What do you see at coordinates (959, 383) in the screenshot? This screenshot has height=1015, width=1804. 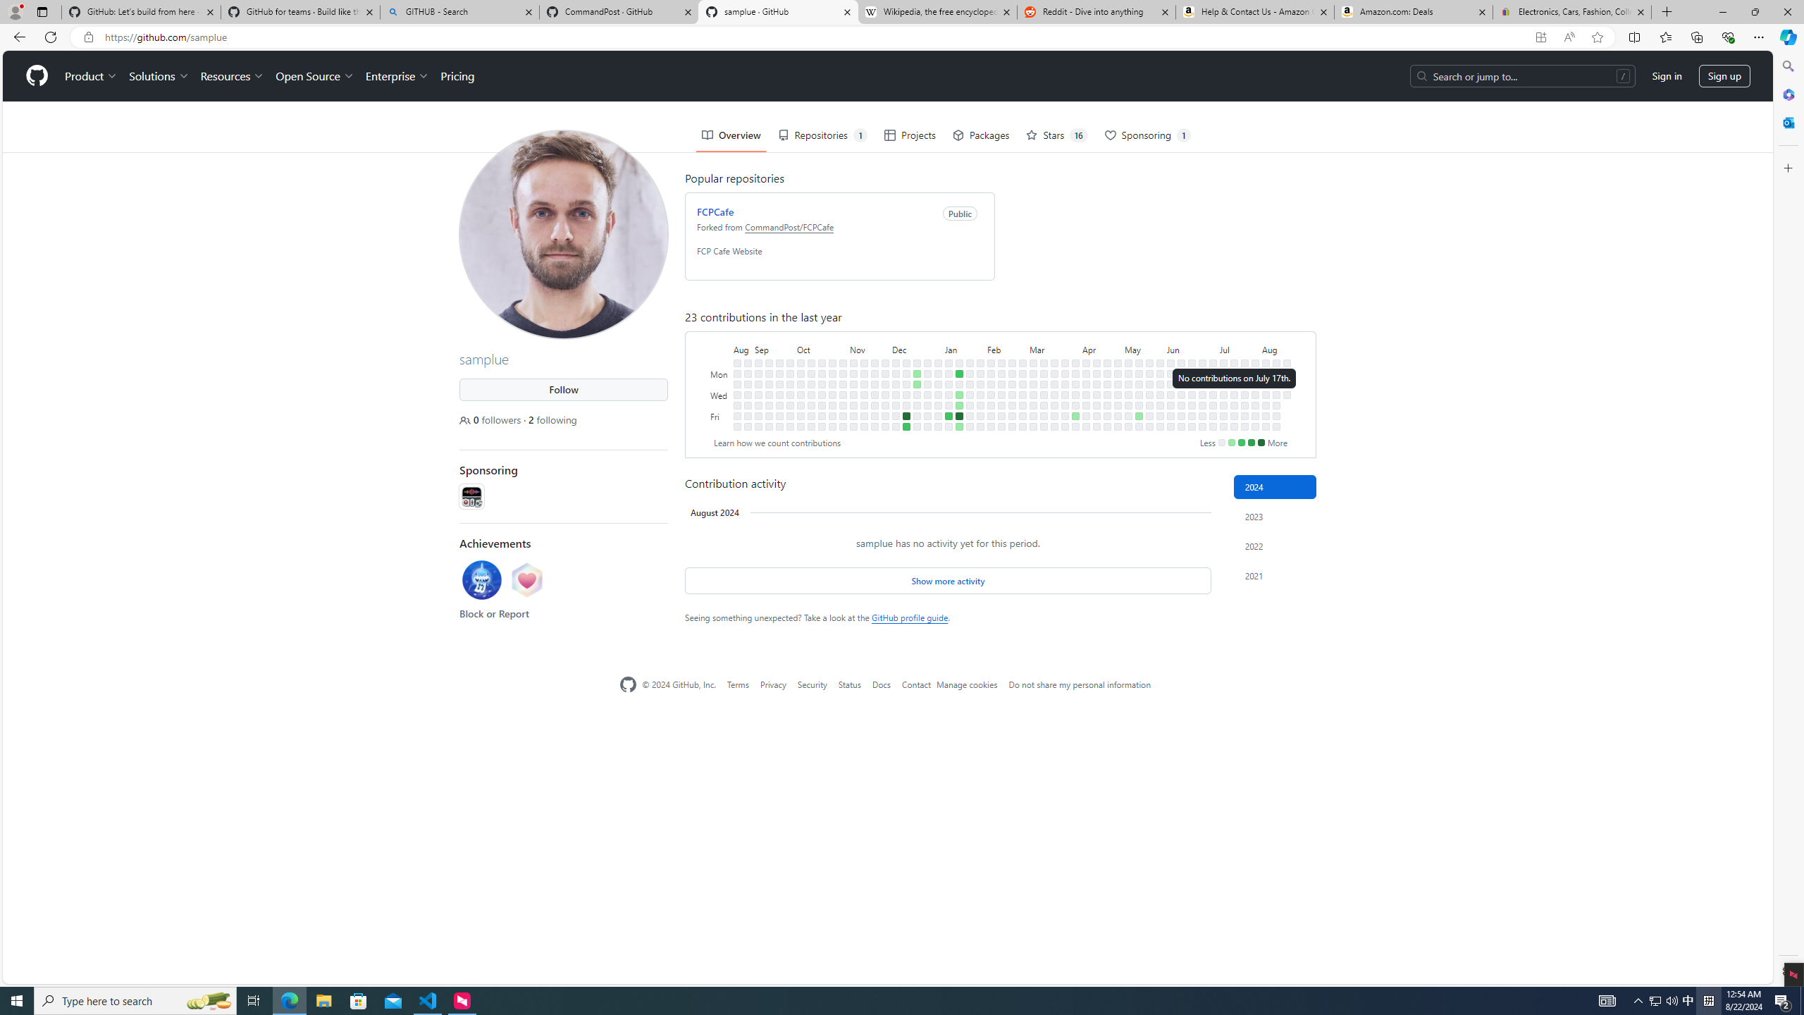 I see `'No contributions on January 16th.'` at bounding box center [959, 383].